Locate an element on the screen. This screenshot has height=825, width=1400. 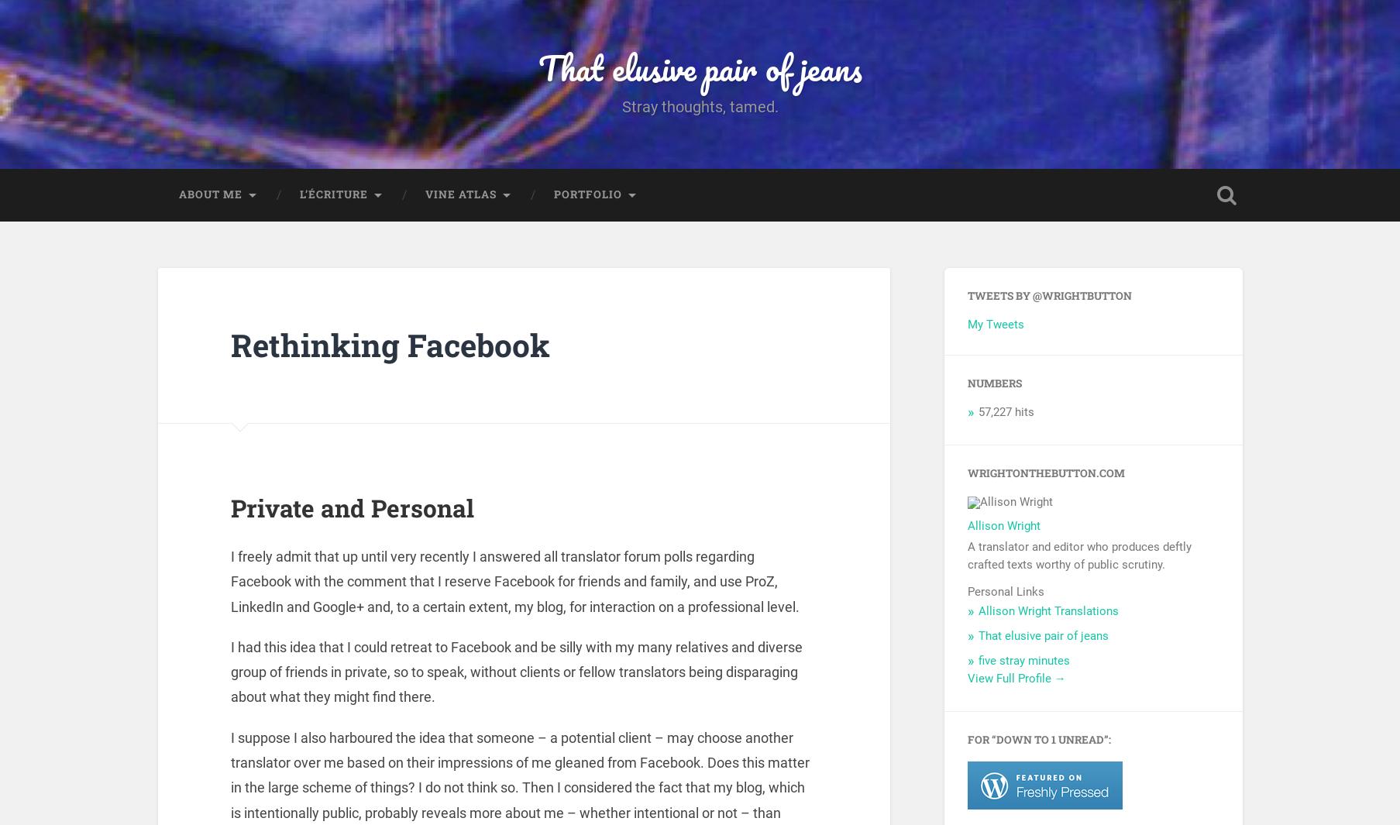
'wrightonthebutton.com' is located at coordinates (1044, 476).